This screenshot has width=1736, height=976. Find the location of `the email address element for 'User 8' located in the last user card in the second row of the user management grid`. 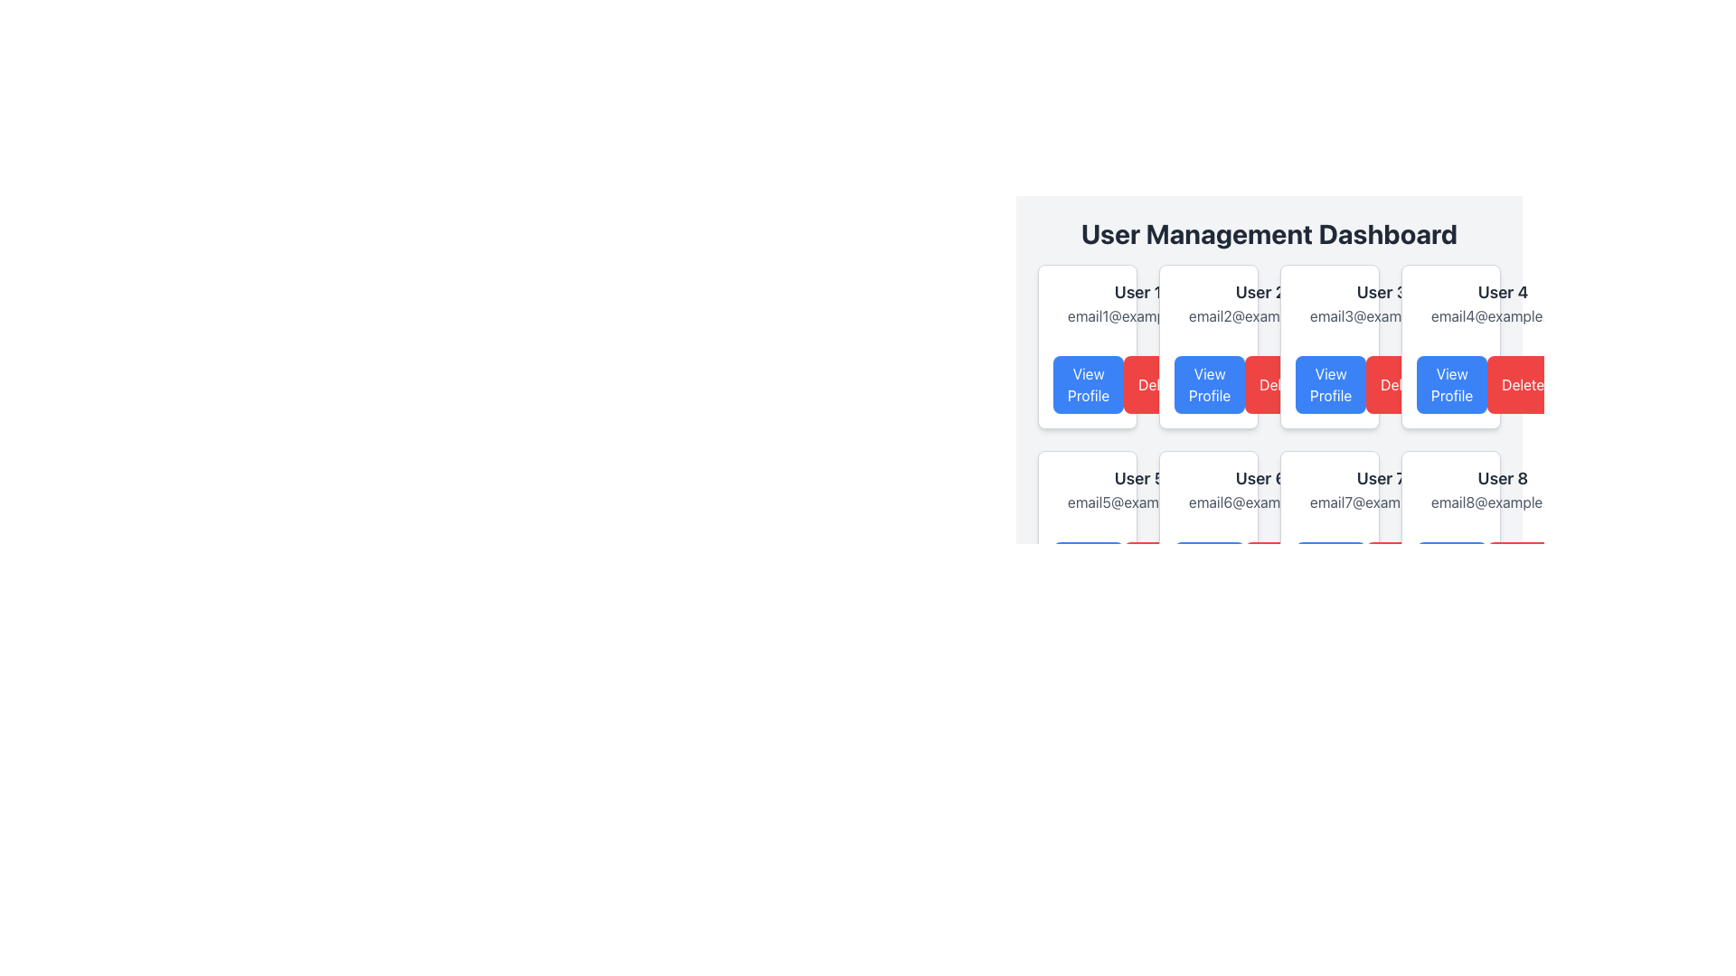

the email address element for 'User 8' located in the last user card in the second row of the user management grid is located at coordinates (1450, 490).